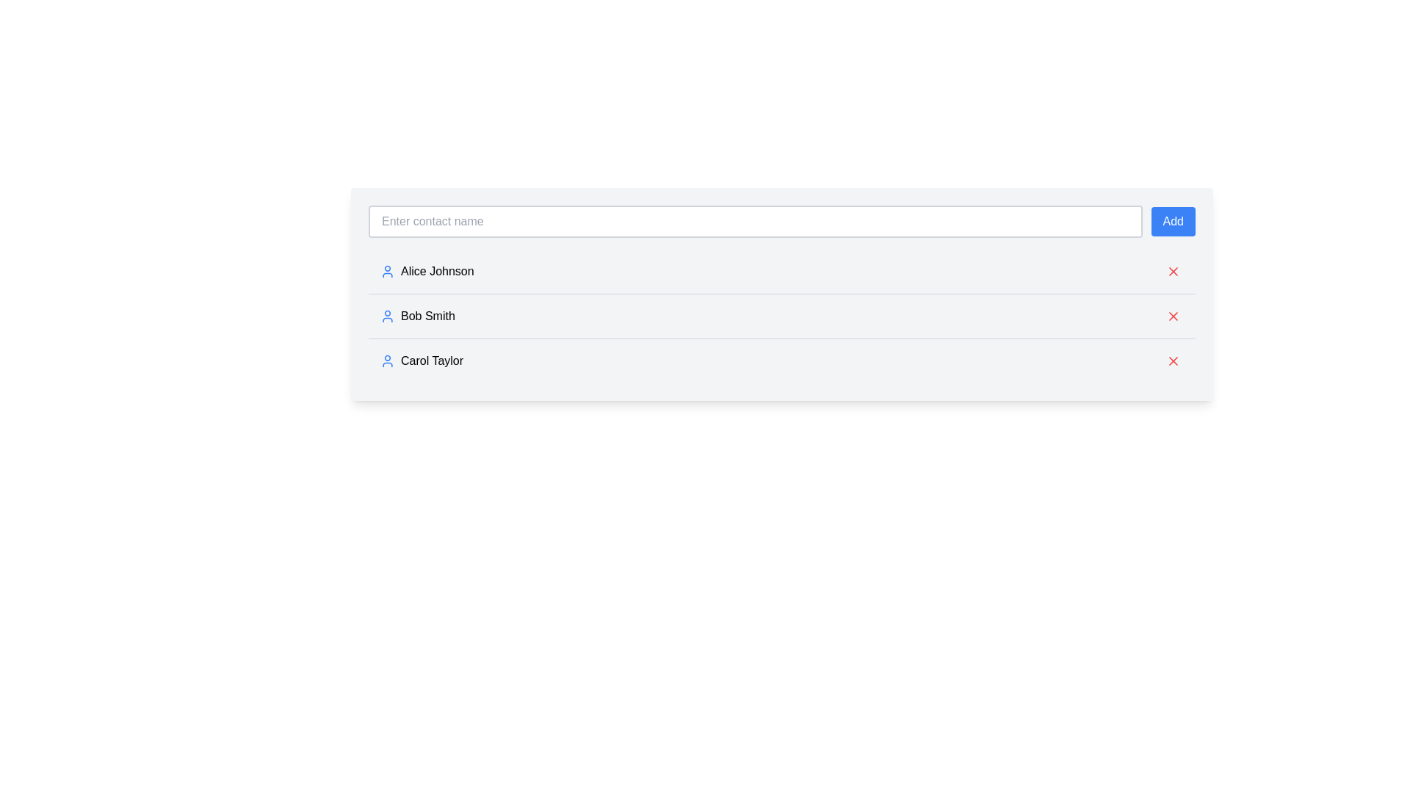  Describe the element at coordinates (1173, 316) in the screenshot. I see `the red-colored button with a cross icon located on the far-right side of the list entry for 'Bob Smith'` at that location.